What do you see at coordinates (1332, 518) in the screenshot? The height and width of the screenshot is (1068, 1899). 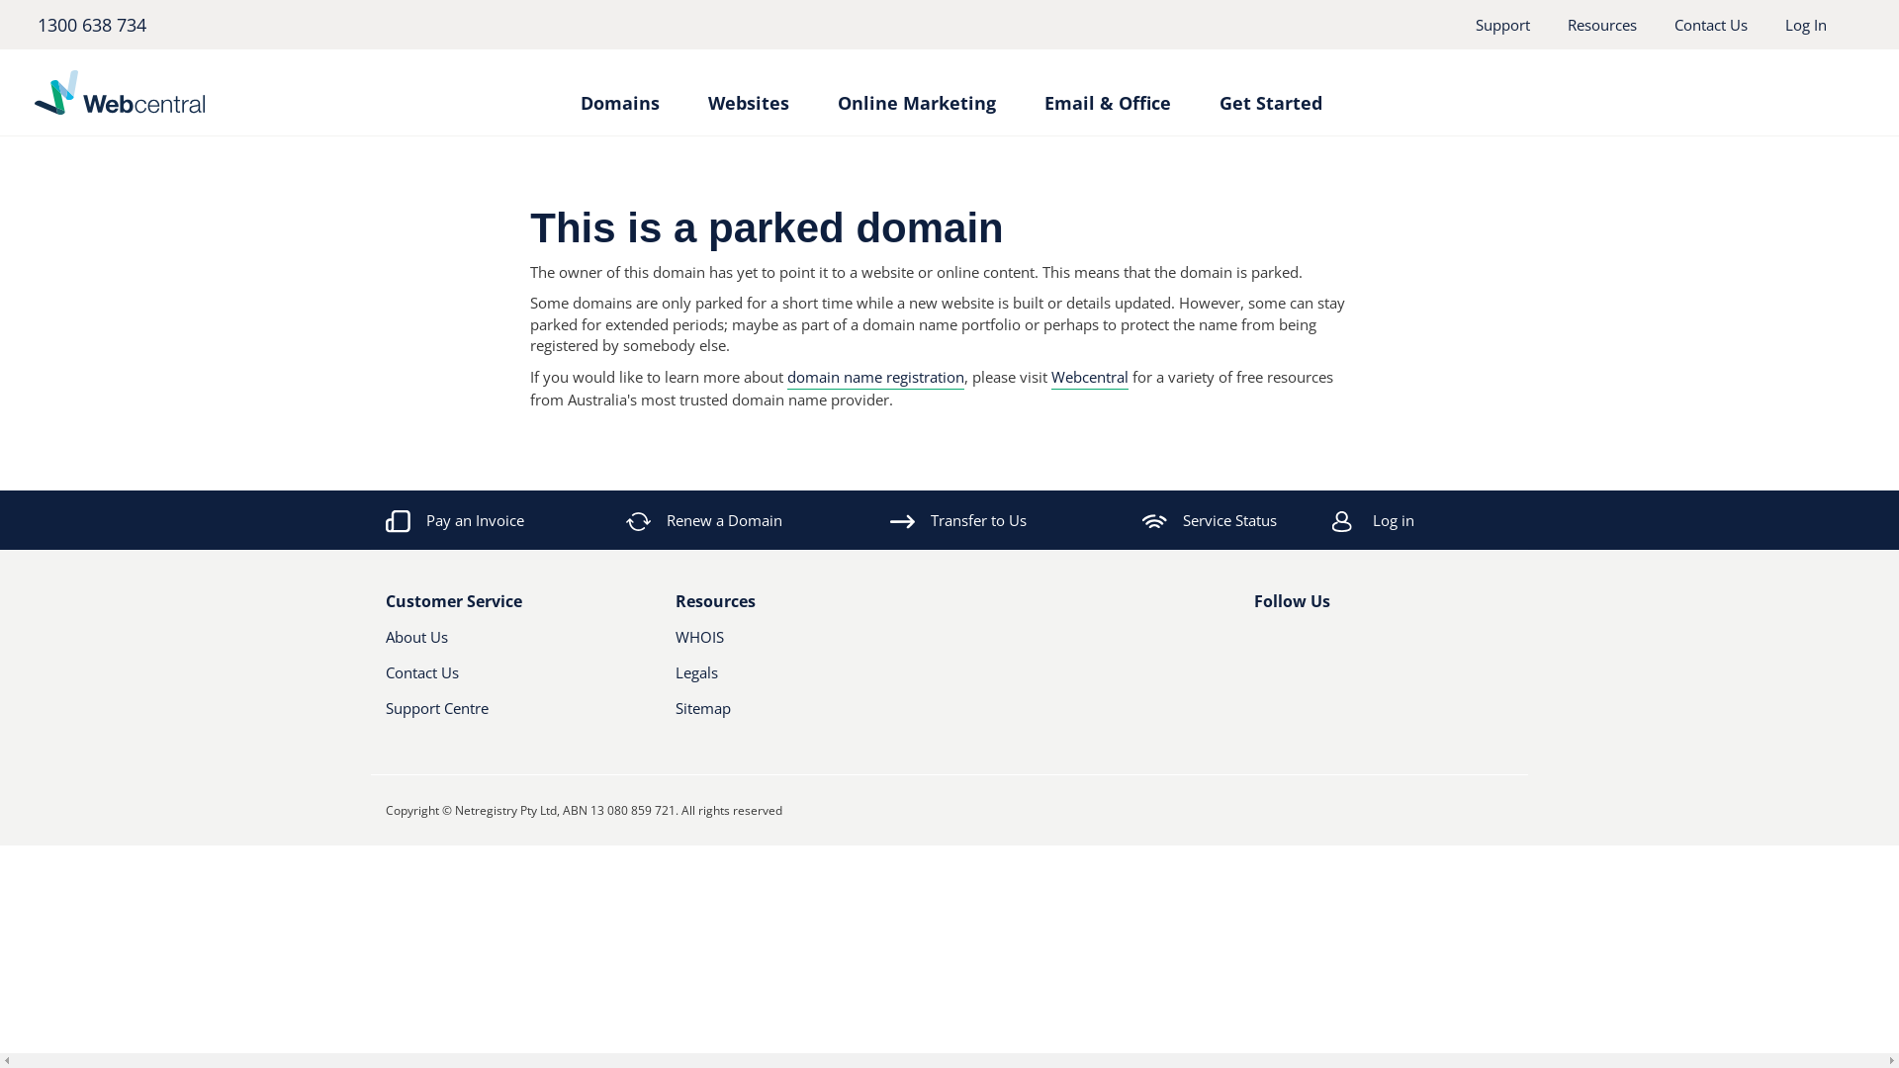 I see `'Log in'` at bounding box center [1332, 518].